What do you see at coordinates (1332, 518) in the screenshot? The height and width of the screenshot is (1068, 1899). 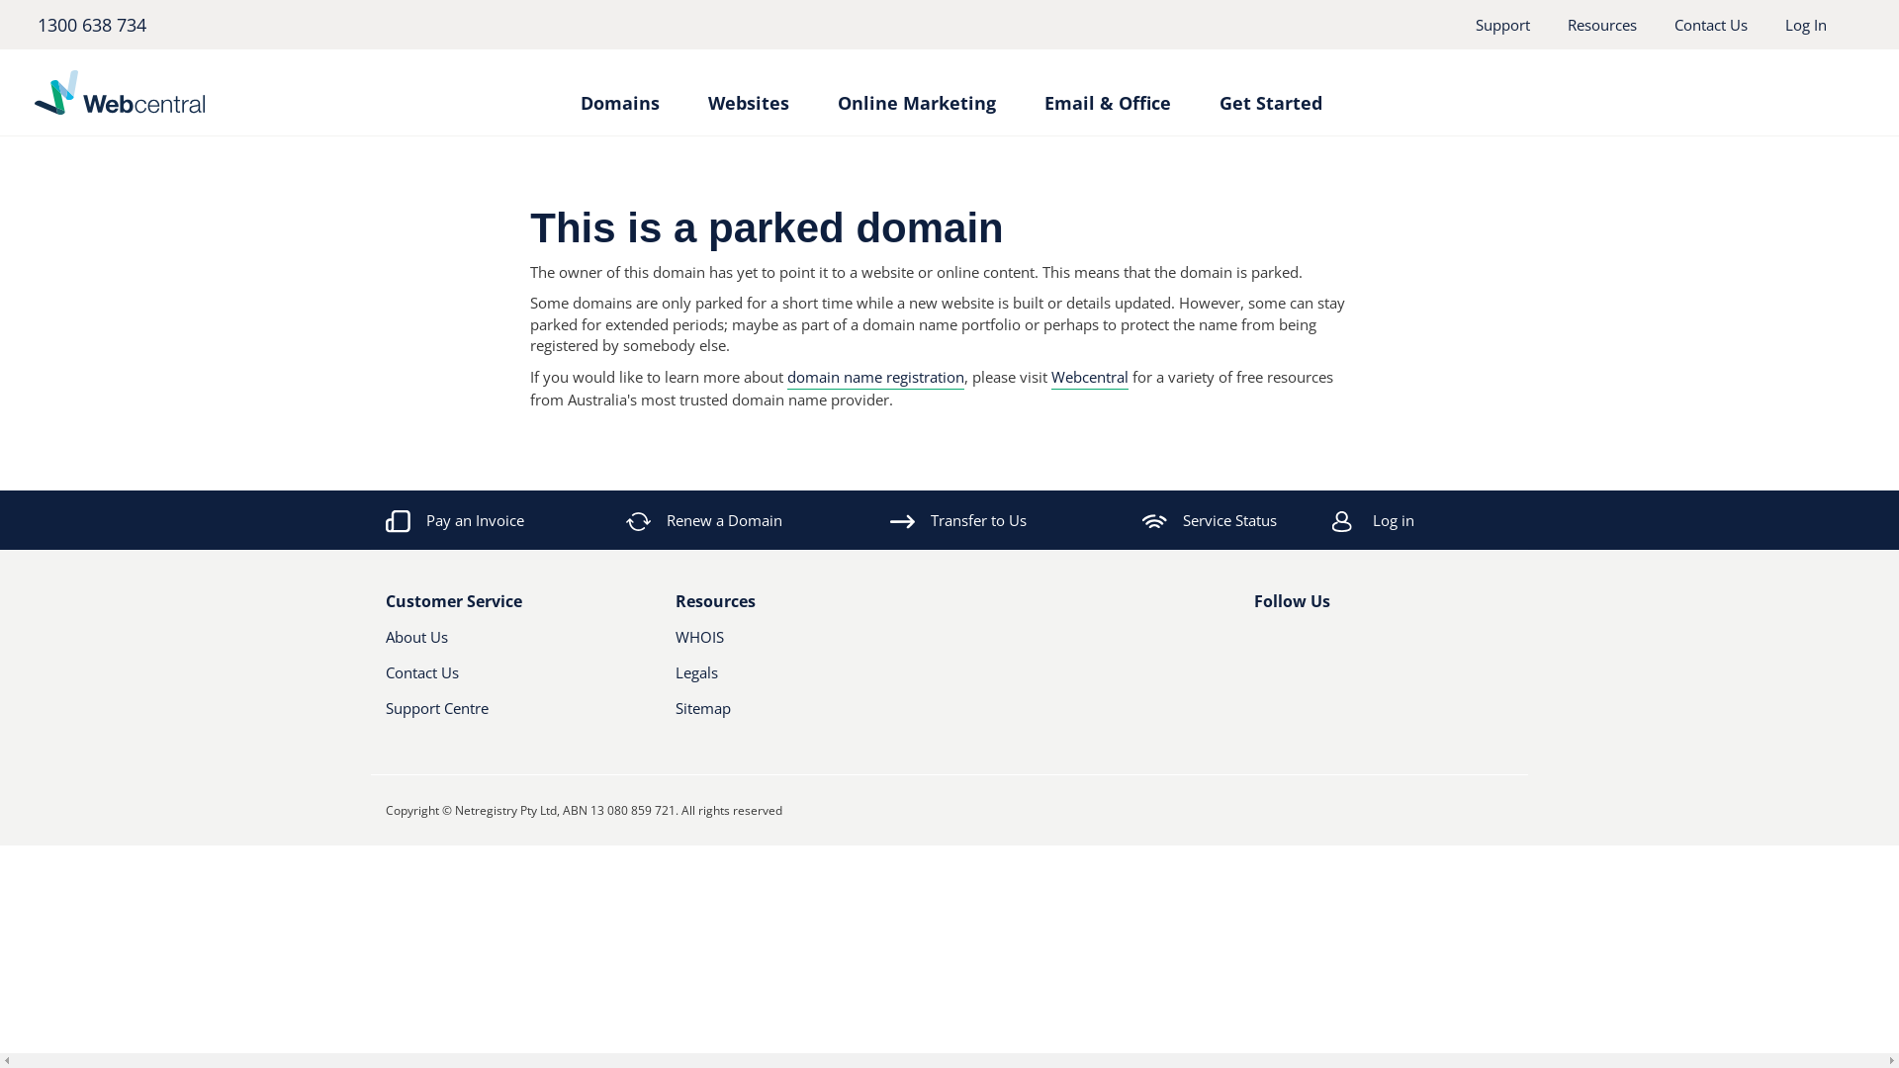 I see `'Log in'` at bounding box center [1332, 518].